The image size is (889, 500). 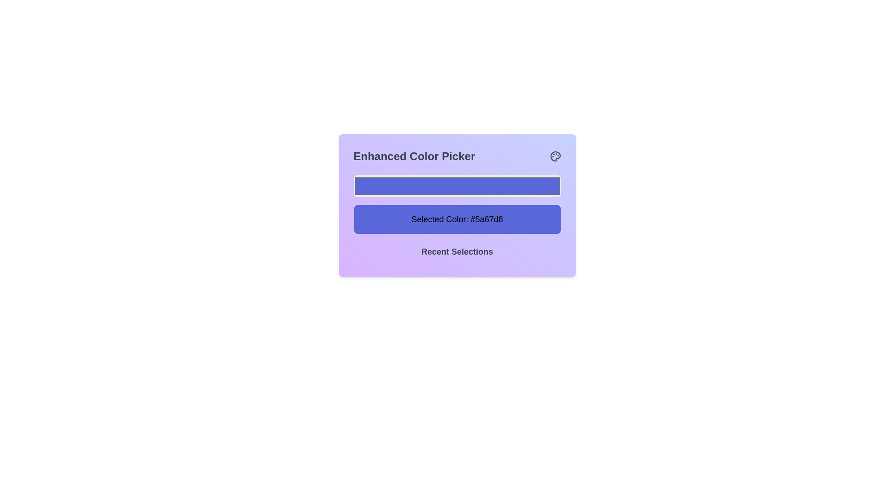 What do you see at coordinates (457, 219) in the screenshot?
I see `the text display area that shows 'Selected Color: #5a67d8', which has a blue background and is located beneath the color input box in the Enhanced Color Picker component` at bounding box center [457, 219].